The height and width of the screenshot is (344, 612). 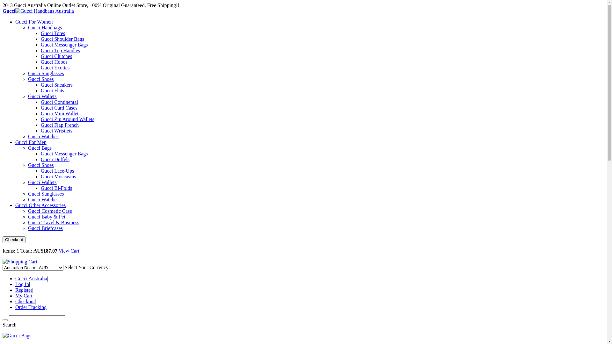 I want to click on 'Gucci', so click(x=3, y=11).